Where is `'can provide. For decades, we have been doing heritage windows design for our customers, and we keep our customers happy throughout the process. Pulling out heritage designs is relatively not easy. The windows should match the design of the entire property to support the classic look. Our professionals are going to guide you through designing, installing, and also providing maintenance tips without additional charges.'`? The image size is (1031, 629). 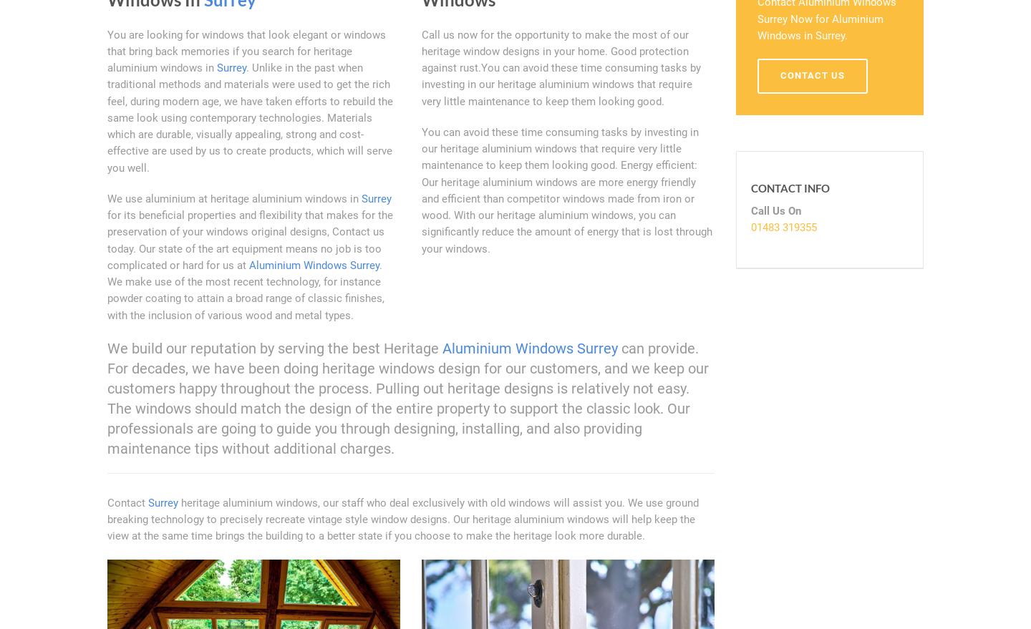
'can provide. For decades, we have been doing heritage windows design for our customers, and we keep our customers happy throughout the process. Pulling out heritage designs is relatively not easy. The windows should match the design of the entire property to support the classic look. Our professionals are going to guide you through designing, installing, and also providing maintenance tips without additional charges.' is located at coordinates (407, 397).